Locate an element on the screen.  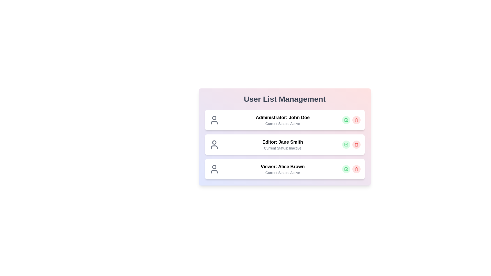
the red trash can icon delete button for the user entry 'Administrator: John Doe' to potentially see a tooltip is located at coordinates (356, 120).